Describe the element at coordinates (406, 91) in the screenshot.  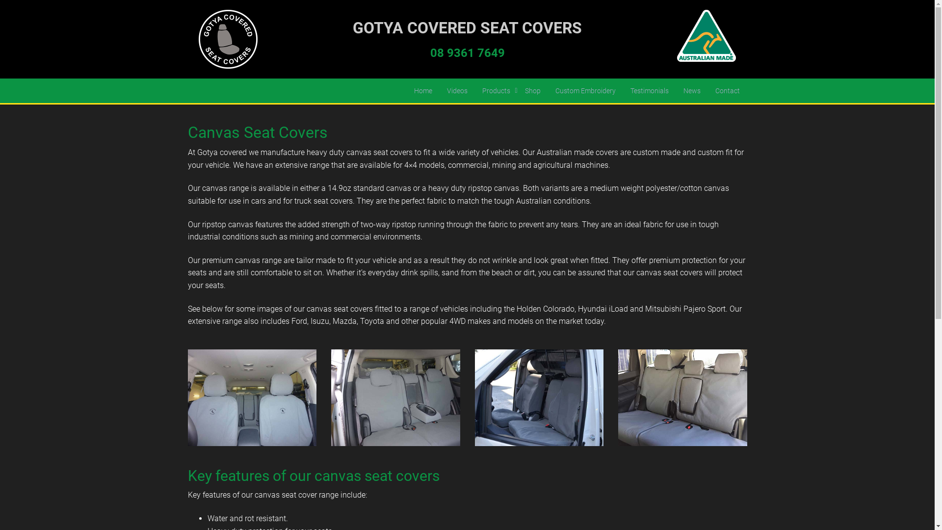
I see `'Home'` at that location.